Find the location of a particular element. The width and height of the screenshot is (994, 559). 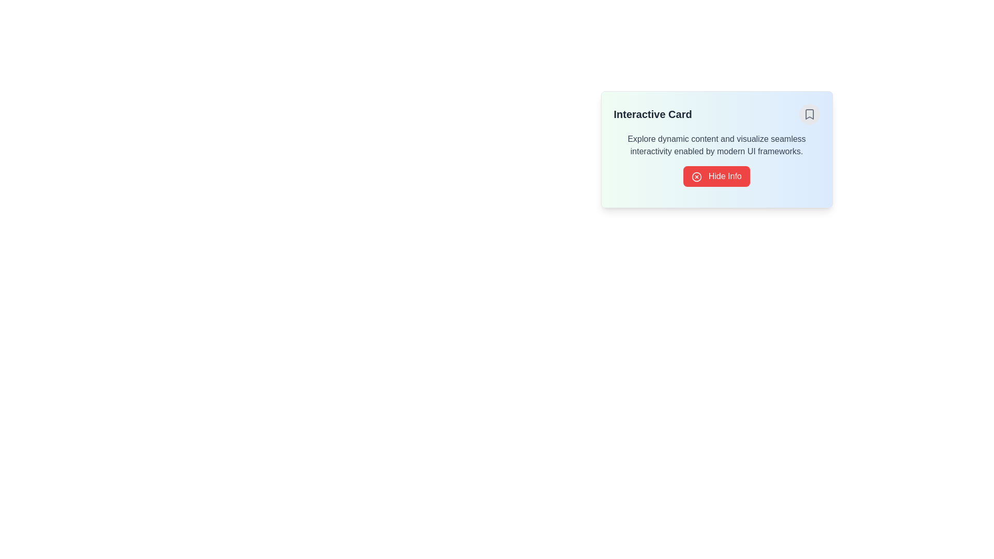

the bookmark icon located at the top-right corner inside the card UI component is located at coordinates (809, 114).